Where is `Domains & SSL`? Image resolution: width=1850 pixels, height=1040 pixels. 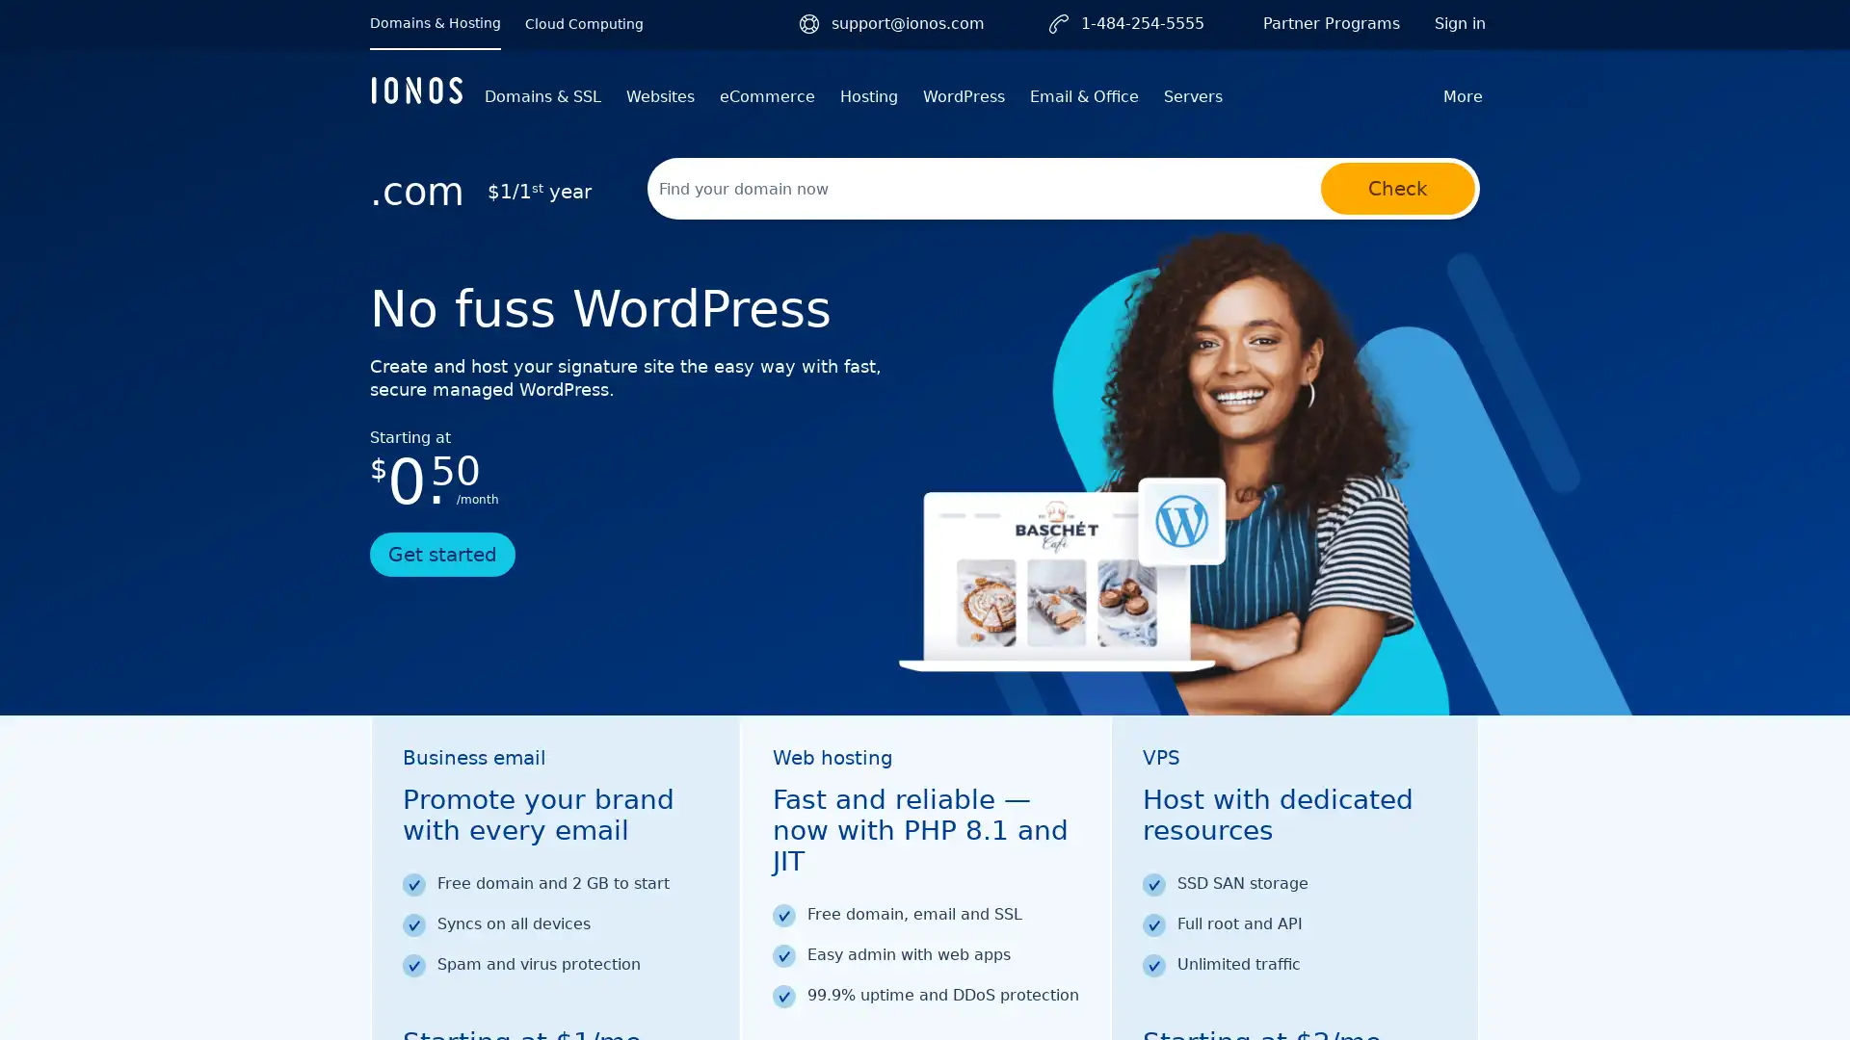 Domains & SSL is located at coordinates (542, 96).